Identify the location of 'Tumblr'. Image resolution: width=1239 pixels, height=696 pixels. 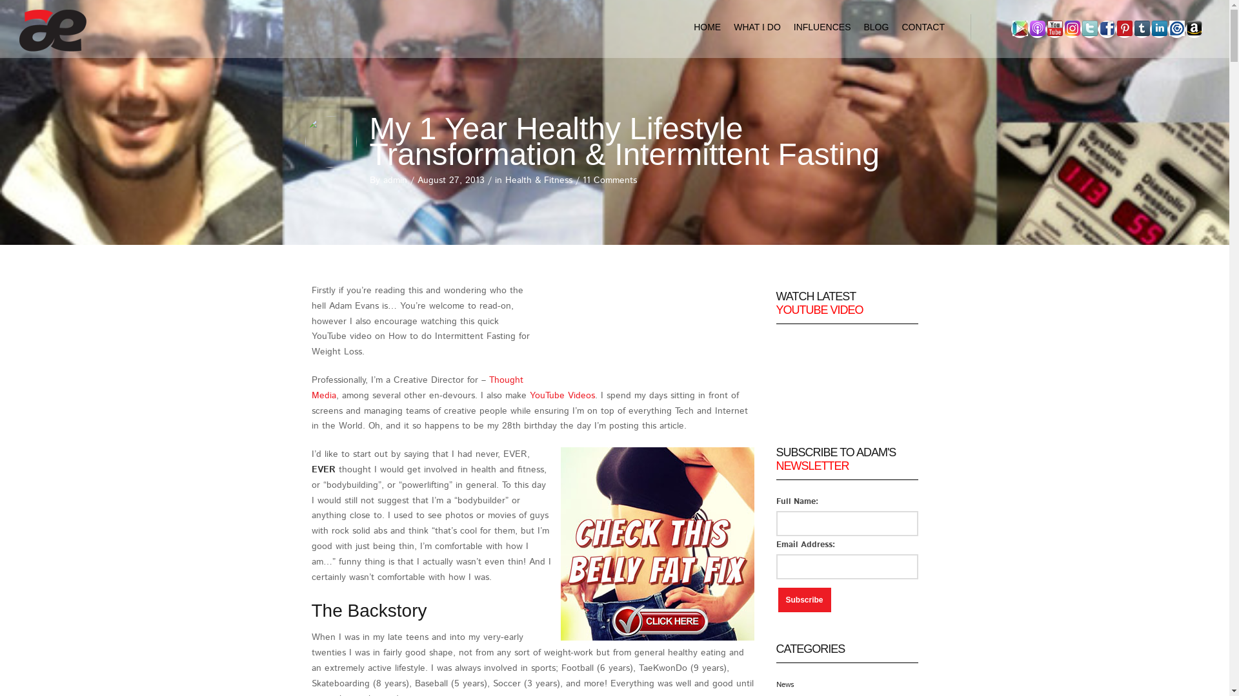
(1142, 28).